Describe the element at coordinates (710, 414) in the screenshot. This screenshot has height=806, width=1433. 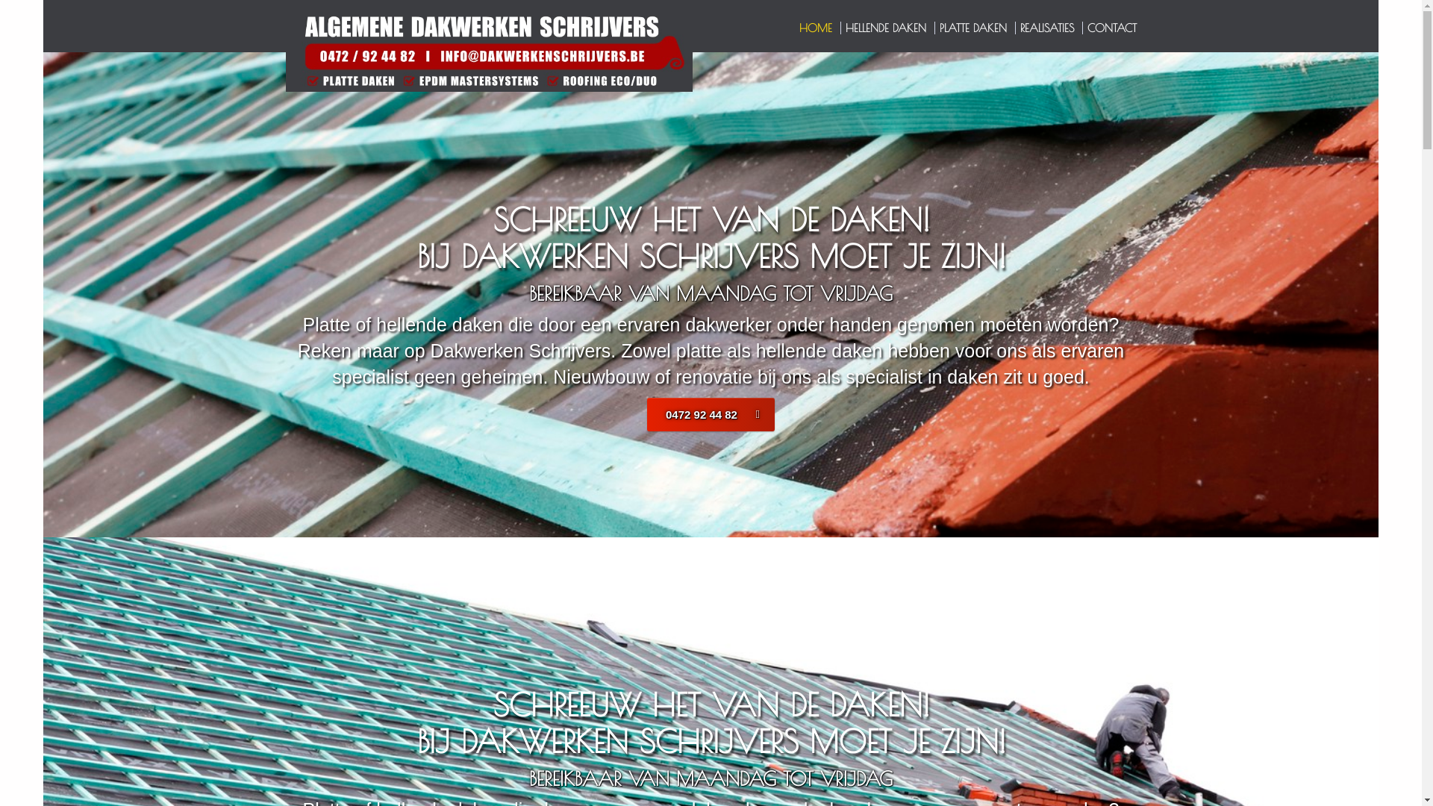
I see `'0472 92 44 82'` at that location.